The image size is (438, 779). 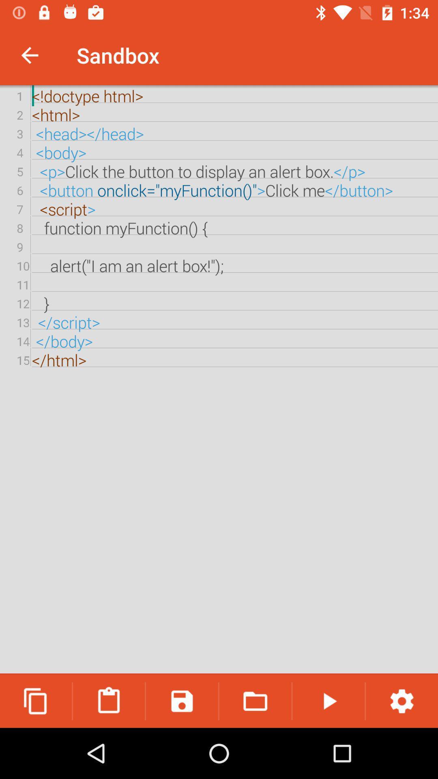 I want to click on the item below the doctype html html item, so click(x=35, y=701).